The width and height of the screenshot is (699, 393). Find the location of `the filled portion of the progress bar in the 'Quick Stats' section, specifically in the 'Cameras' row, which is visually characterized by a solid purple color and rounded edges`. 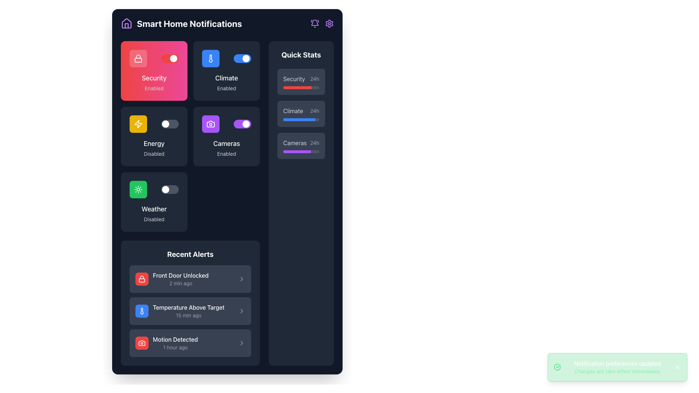

the filled portion of the progress bar in the 'Quick Stats' section, specifically in the 'Cameras' row, which is visually characterized by a solid purple color and rounded edges is located at coordinates (297, 151).